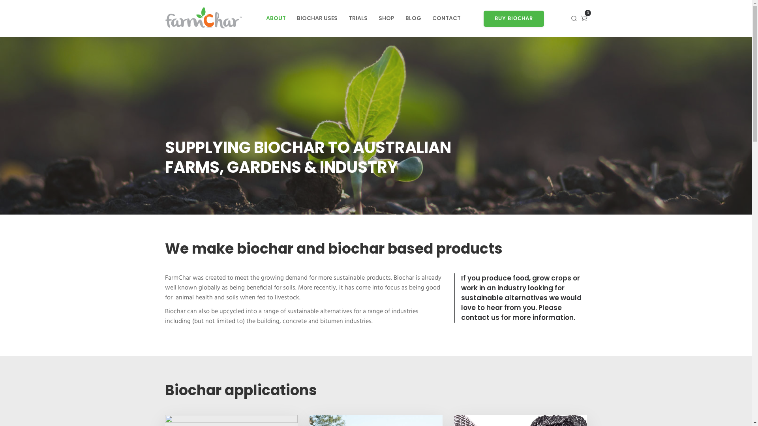  I want to click on 'ABOUT', so click(266, 18).